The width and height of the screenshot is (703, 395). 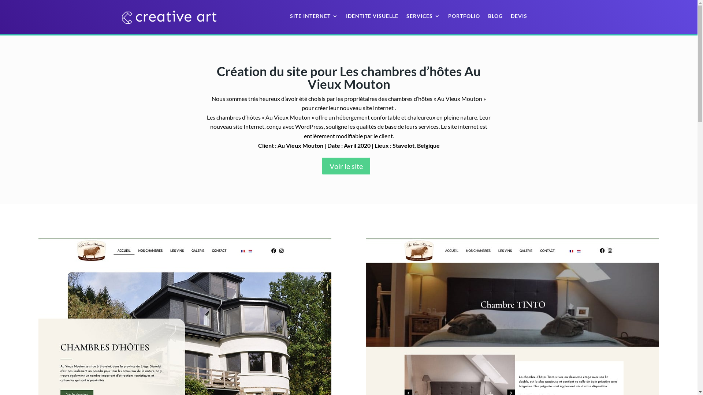 What do you see at coordinates (168, 16) in the screenshot?
I see `'logo-white'` at bounding box center [168, 16].